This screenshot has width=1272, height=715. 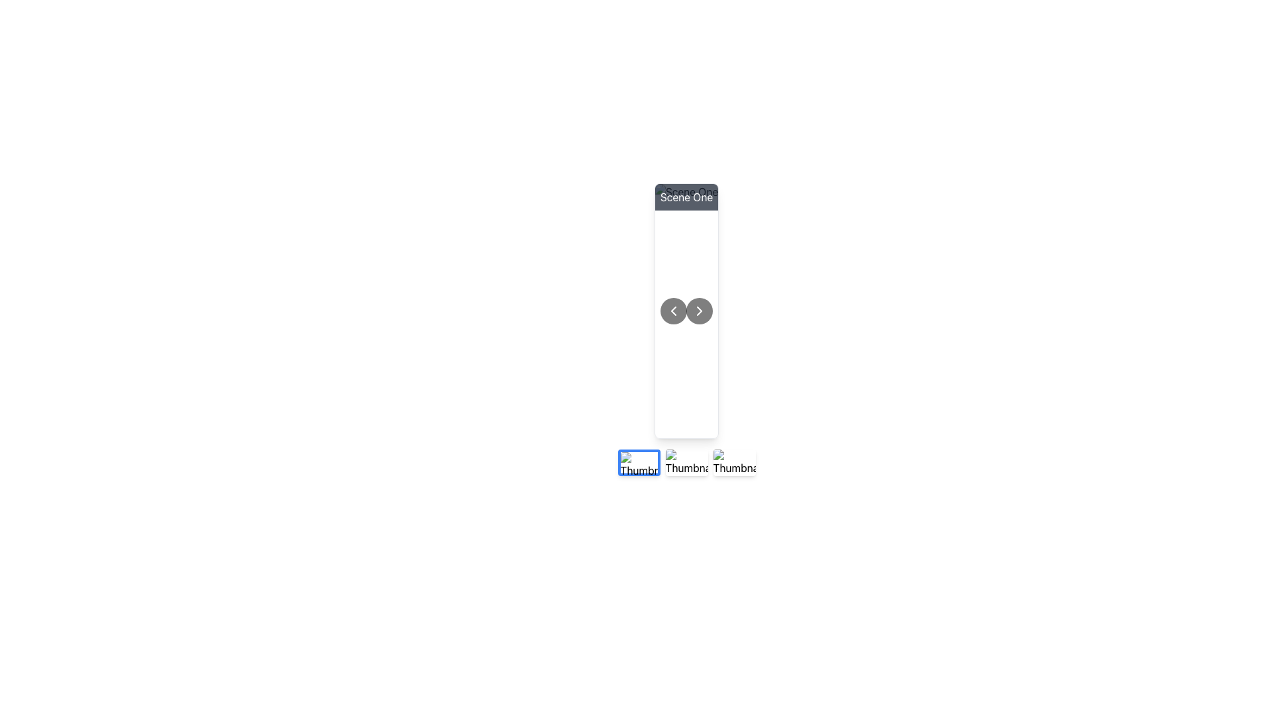 What do you see at coordinates (686, 461) in the screenshot?
I see `the second thumbnail image, which is centrally located between the first thumbnail with a blue border on the left and the third thumbnail on the right` at bounding box center [686, 461].